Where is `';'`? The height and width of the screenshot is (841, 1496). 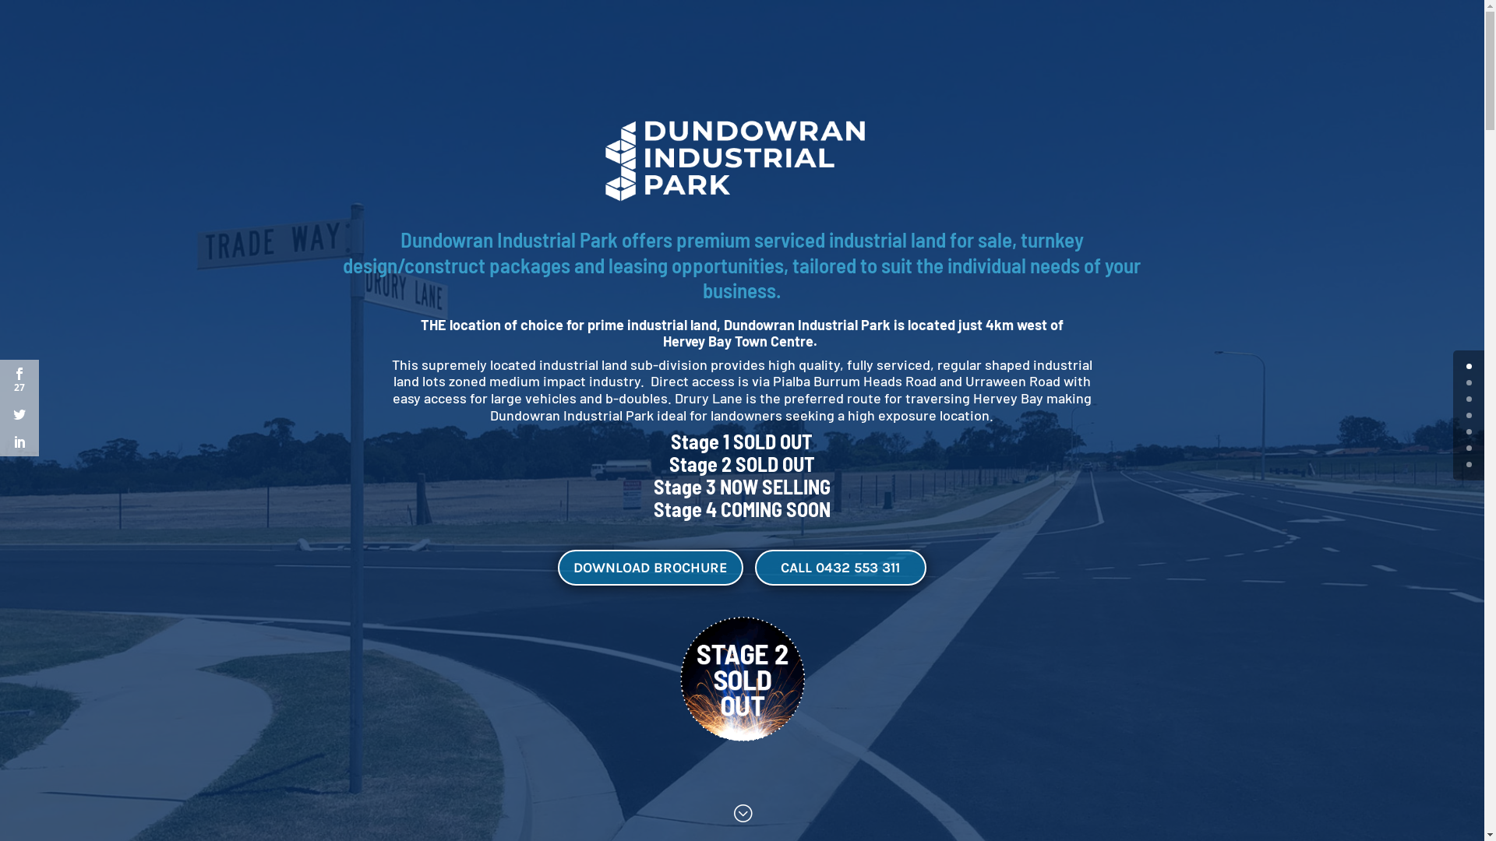
';' is located at coordinates (742, 813).